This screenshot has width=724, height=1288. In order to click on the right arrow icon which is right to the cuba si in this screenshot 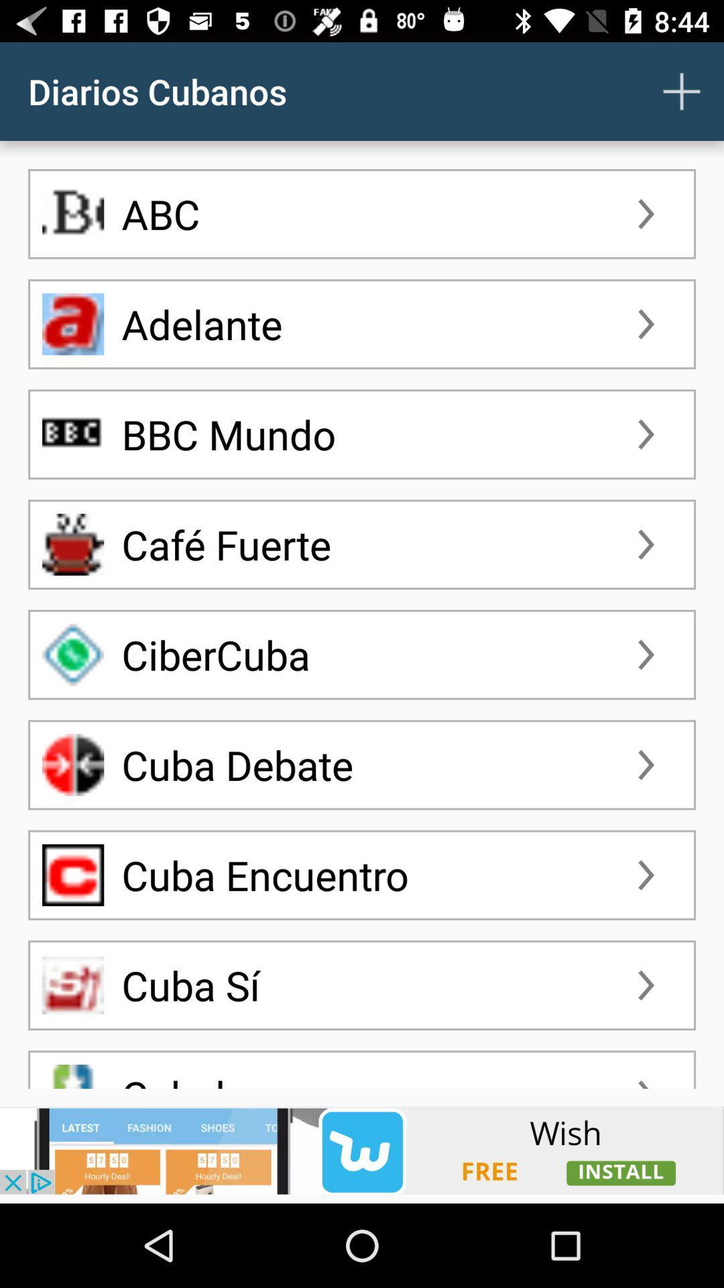, I will do `click(646, 985)`.